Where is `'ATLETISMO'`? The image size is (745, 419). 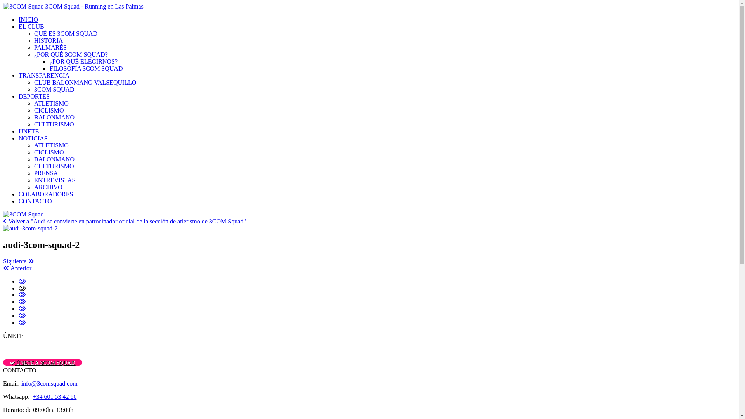
'ATLETISMO' is located at coordinates (51, 103).